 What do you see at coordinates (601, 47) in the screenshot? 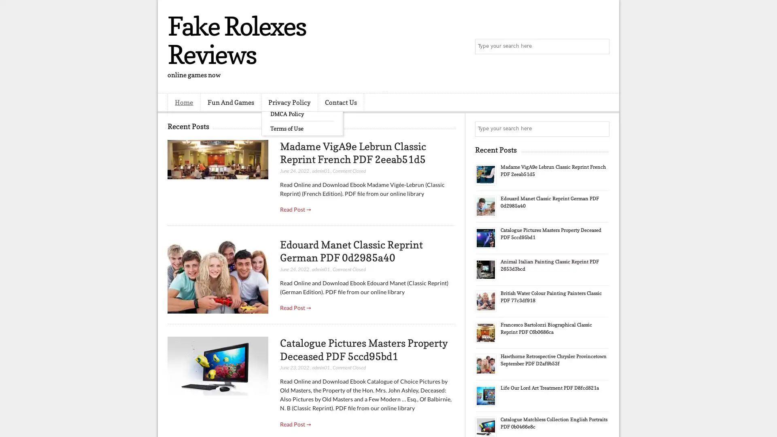
I see `Search` at bounding box center [601, 47].